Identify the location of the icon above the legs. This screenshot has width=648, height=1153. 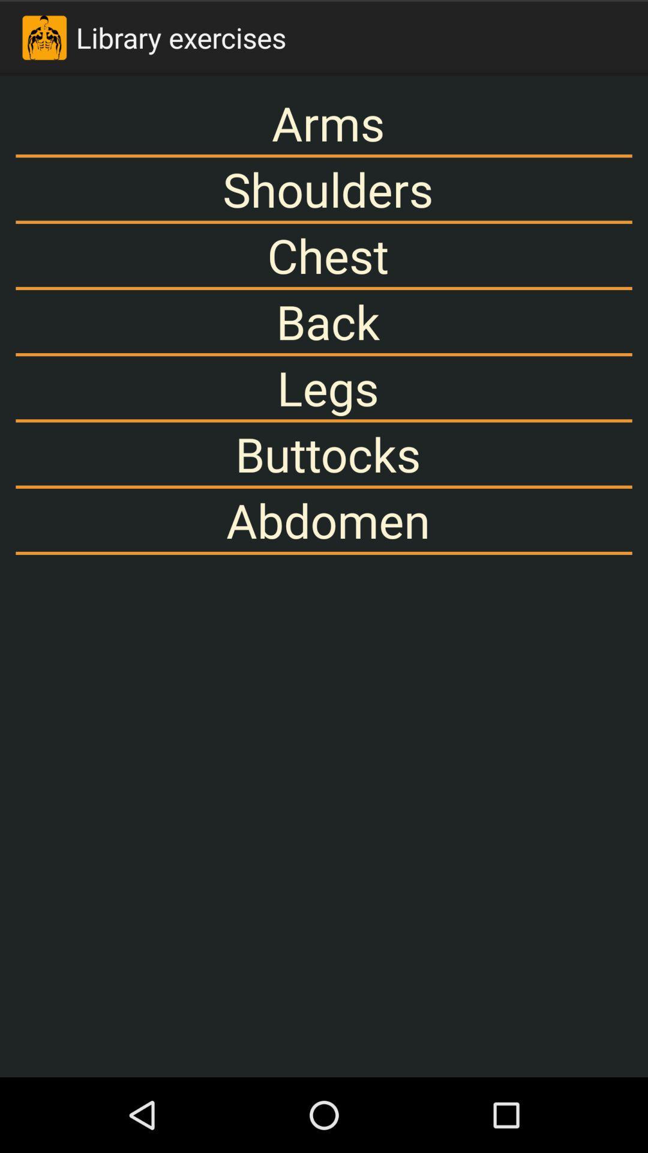
(324, 321).